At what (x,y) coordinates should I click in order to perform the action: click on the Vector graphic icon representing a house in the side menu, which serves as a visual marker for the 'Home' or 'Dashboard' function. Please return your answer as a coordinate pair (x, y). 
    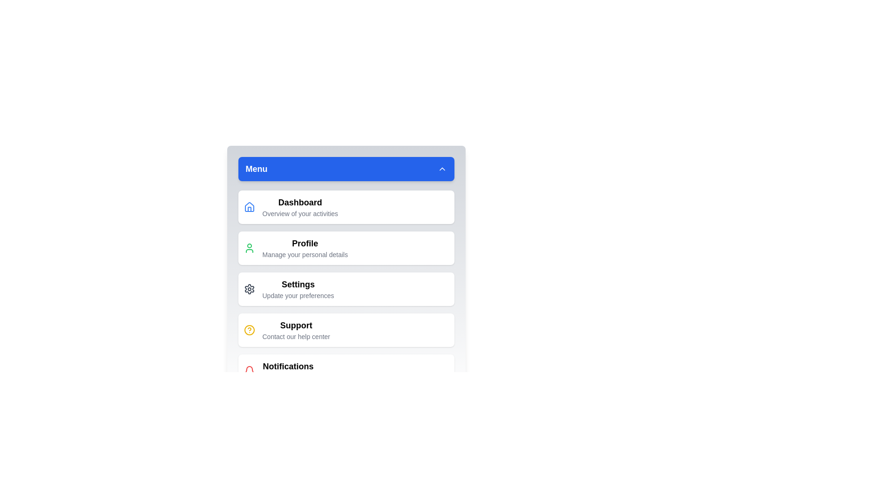
    Looking at the image, I should click on (249, 206).